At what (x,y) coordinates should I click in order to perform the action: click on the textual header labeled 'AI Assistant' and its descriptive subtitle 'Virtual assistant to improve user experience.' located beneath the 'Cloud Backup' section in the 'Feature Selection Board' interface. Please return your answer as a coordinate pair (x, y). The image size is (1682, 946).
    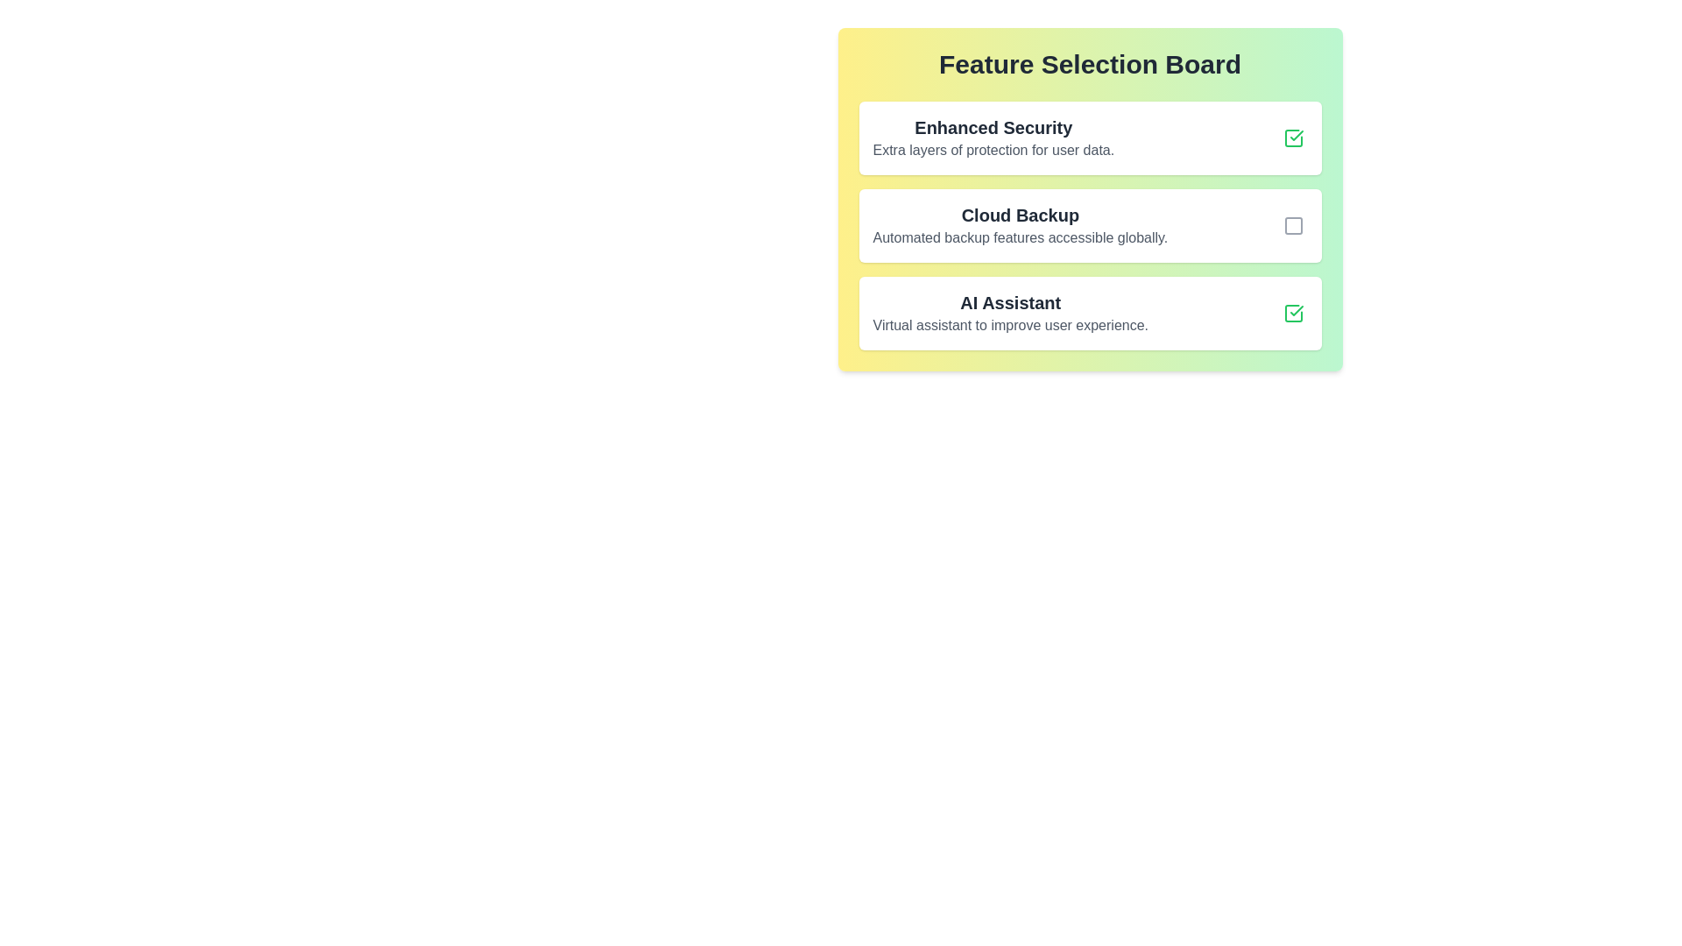
    Looking at the image, I should click on (1010, 313).